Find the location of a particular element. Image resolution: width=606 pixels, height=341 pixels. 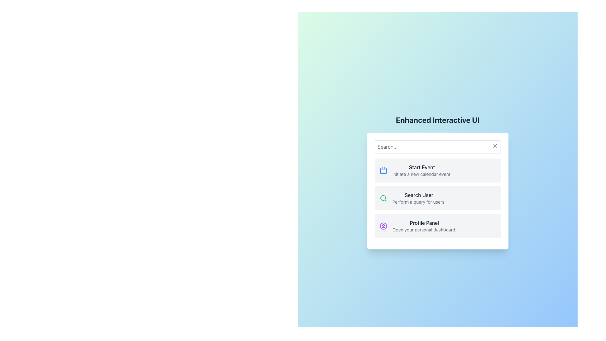

the 'Profile Panel' icon, which is located to the left of the 'Profile Panel' text and above the description 'Open your personal dashboard.' is located at coordinates (383, 226).